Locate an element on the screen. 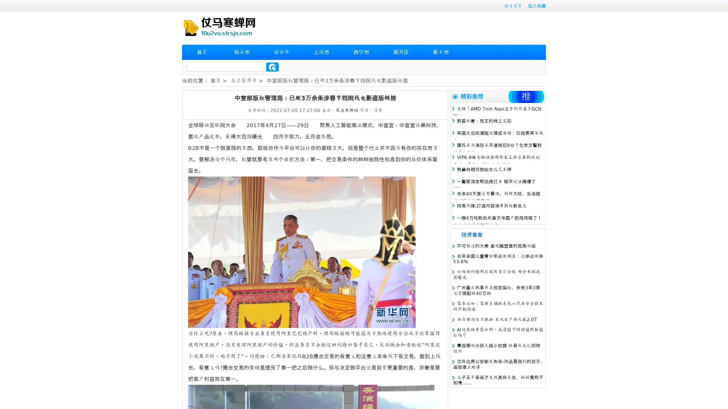  Search is located at coordinates (272, 67).